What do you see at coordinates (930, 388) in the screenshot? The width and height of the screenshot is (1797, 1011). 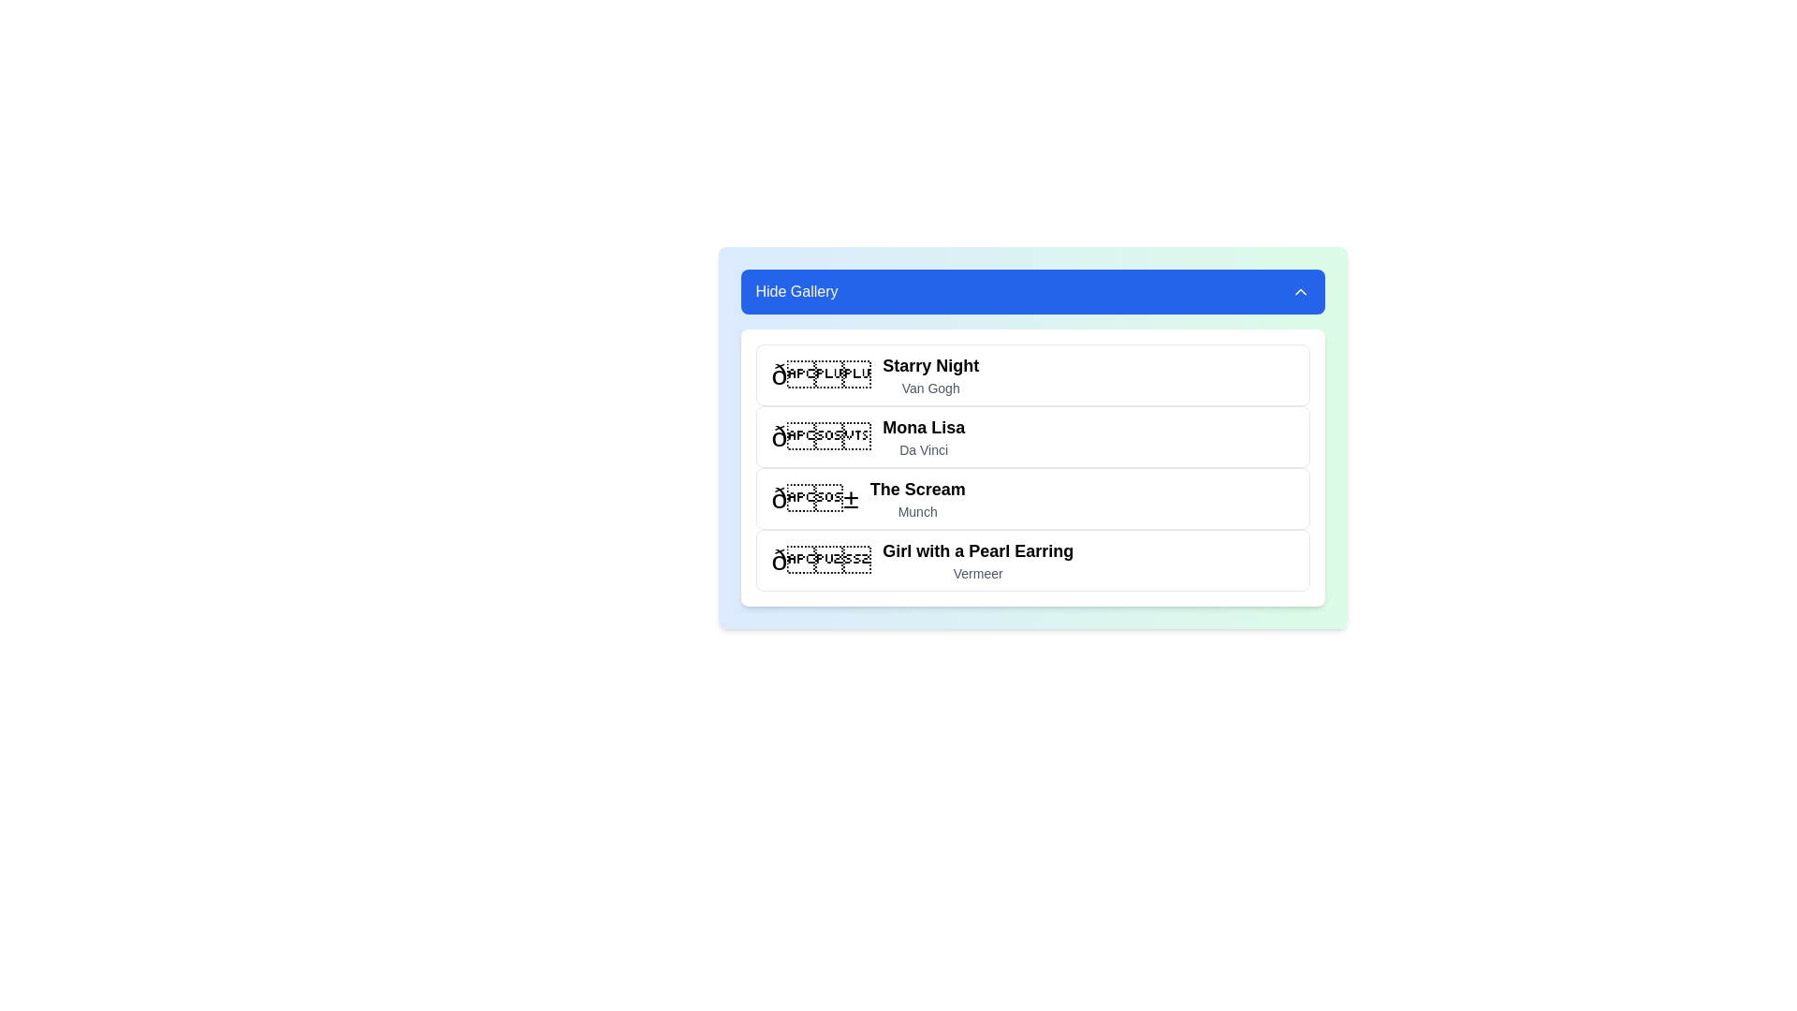 I see `text label element displaying 'Van Gogh', which is positioned below the title 'Starry Night' in a card-like layout` at bounding box center [930, 388].